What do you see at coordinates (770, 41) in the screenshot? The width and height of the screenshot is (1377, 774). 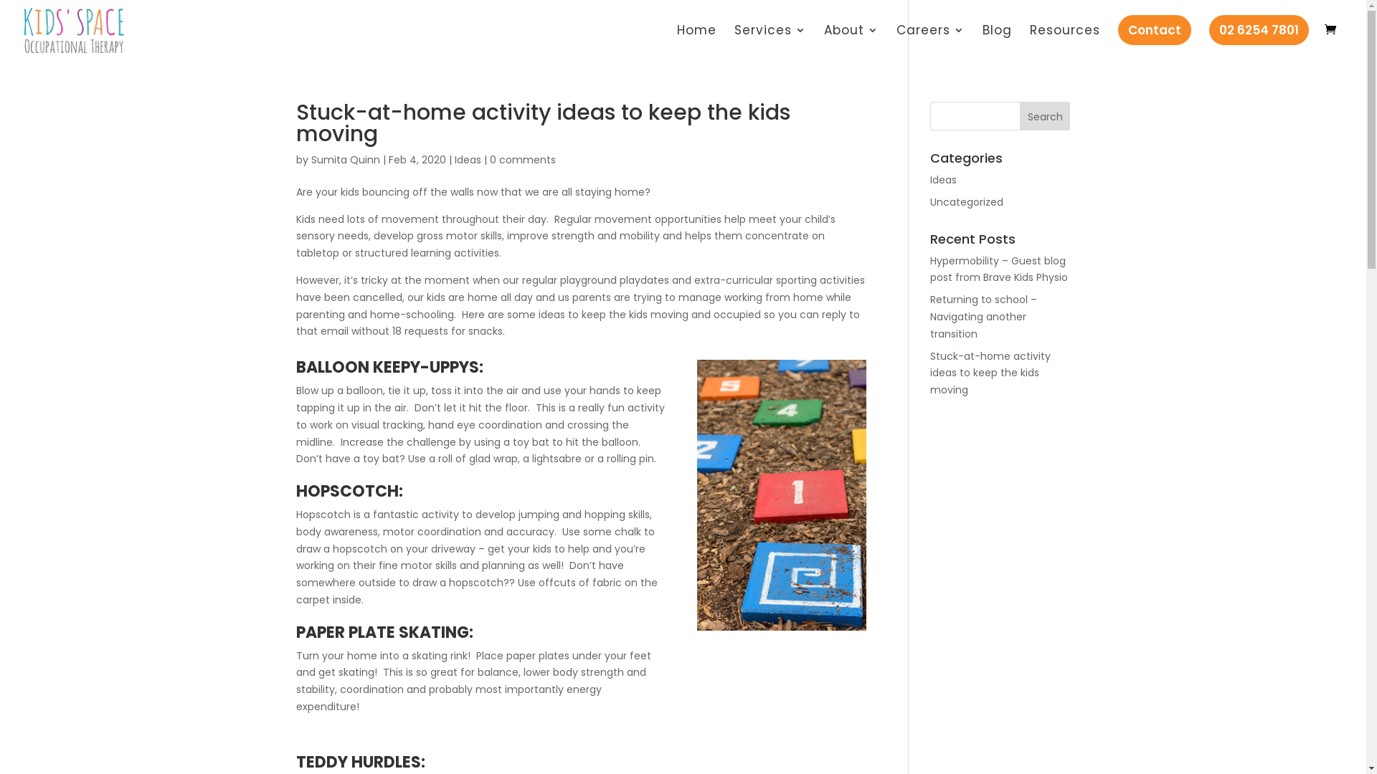 I see `'Services'` at bounding box center [770, 41].